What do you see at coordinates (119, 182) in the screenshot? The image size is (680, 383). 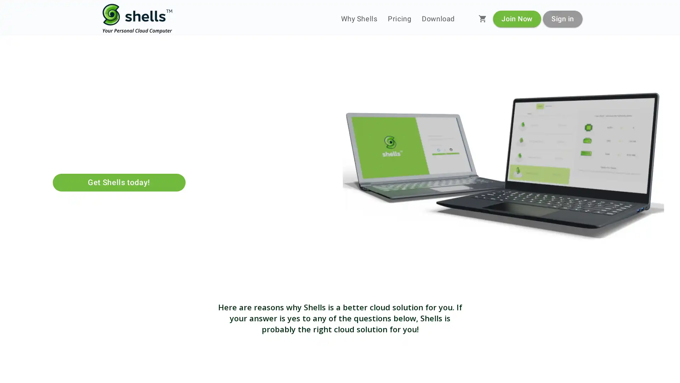 I see `Get Shells today!` at bounding box center [119, 182].